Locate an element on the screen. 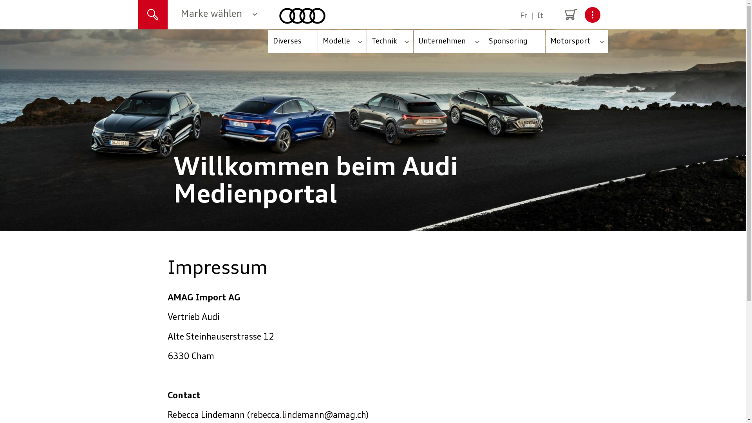  'Fr' is located at coordinates (524, 16).